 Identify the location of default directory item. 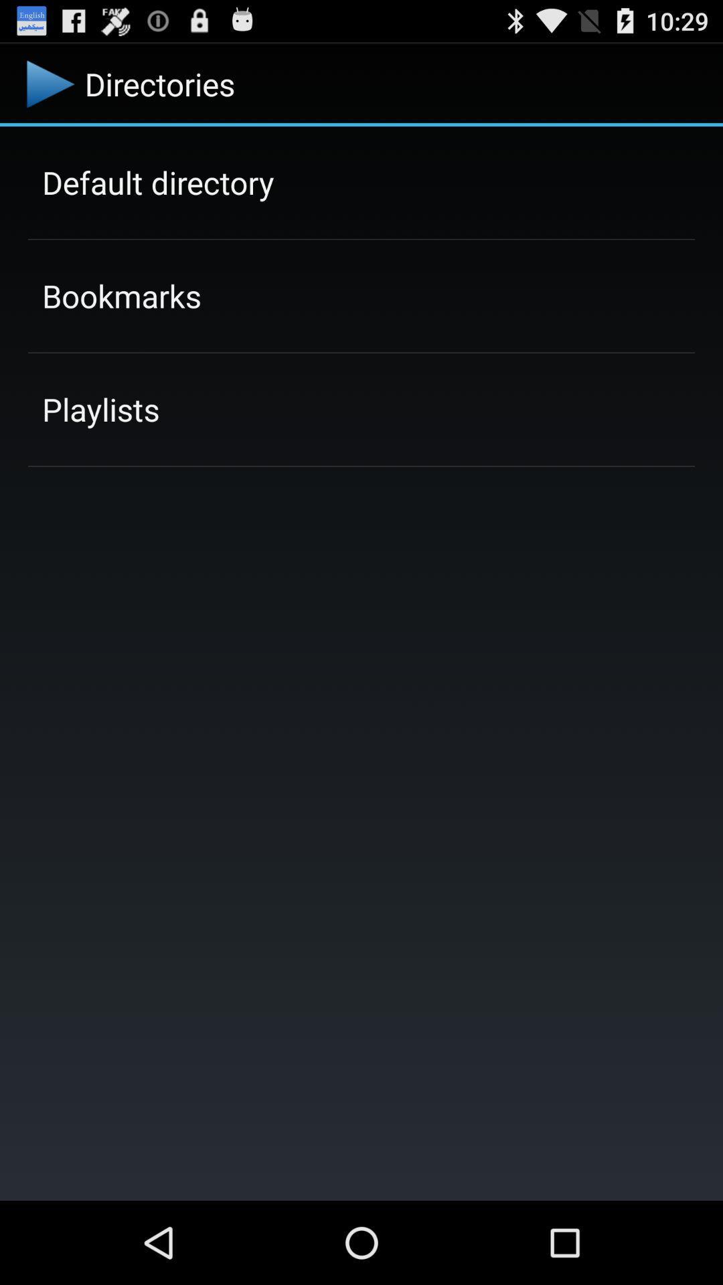
(157, 181).